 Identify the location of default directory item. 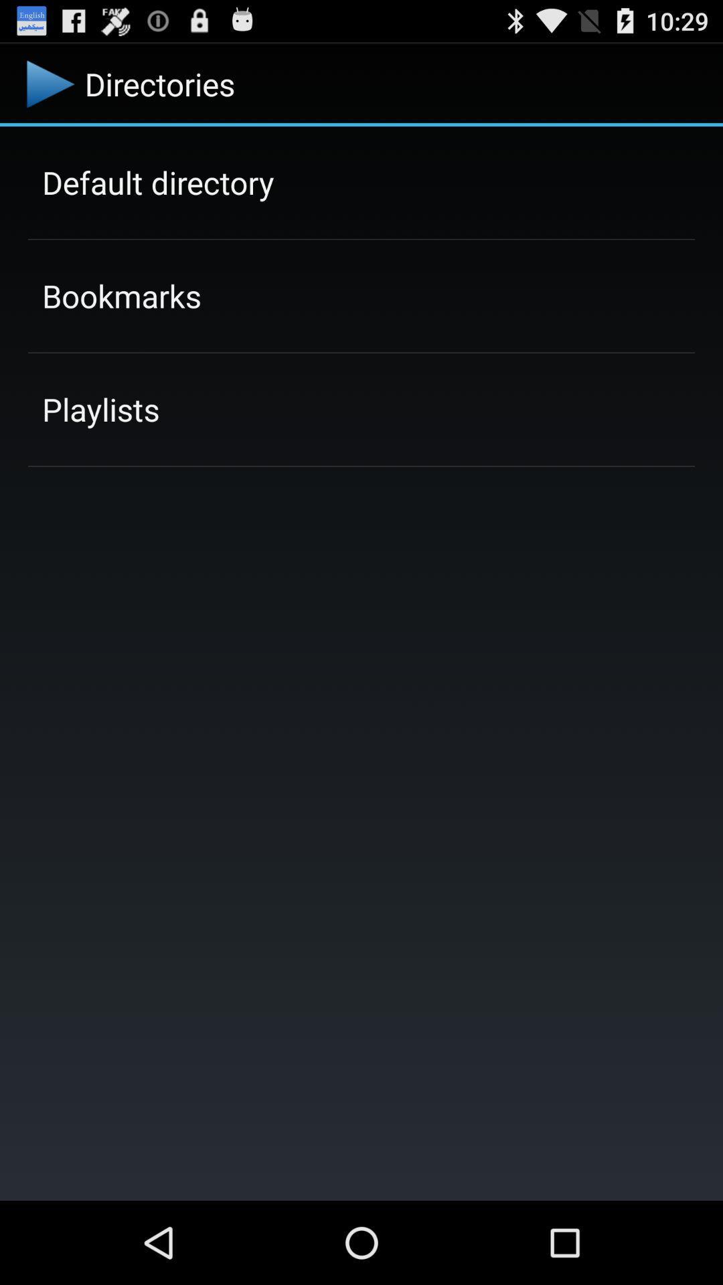
(157, 181).